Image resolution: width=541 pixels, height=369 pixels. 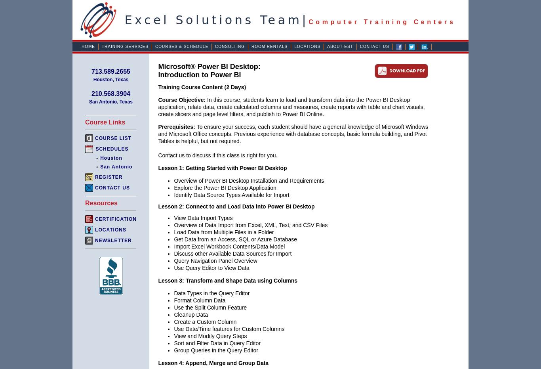 What do you see at coordinates (210, 335) in the screenshot?
I see `'View and Modify Query Steps'` at bounding box center [210, 335].